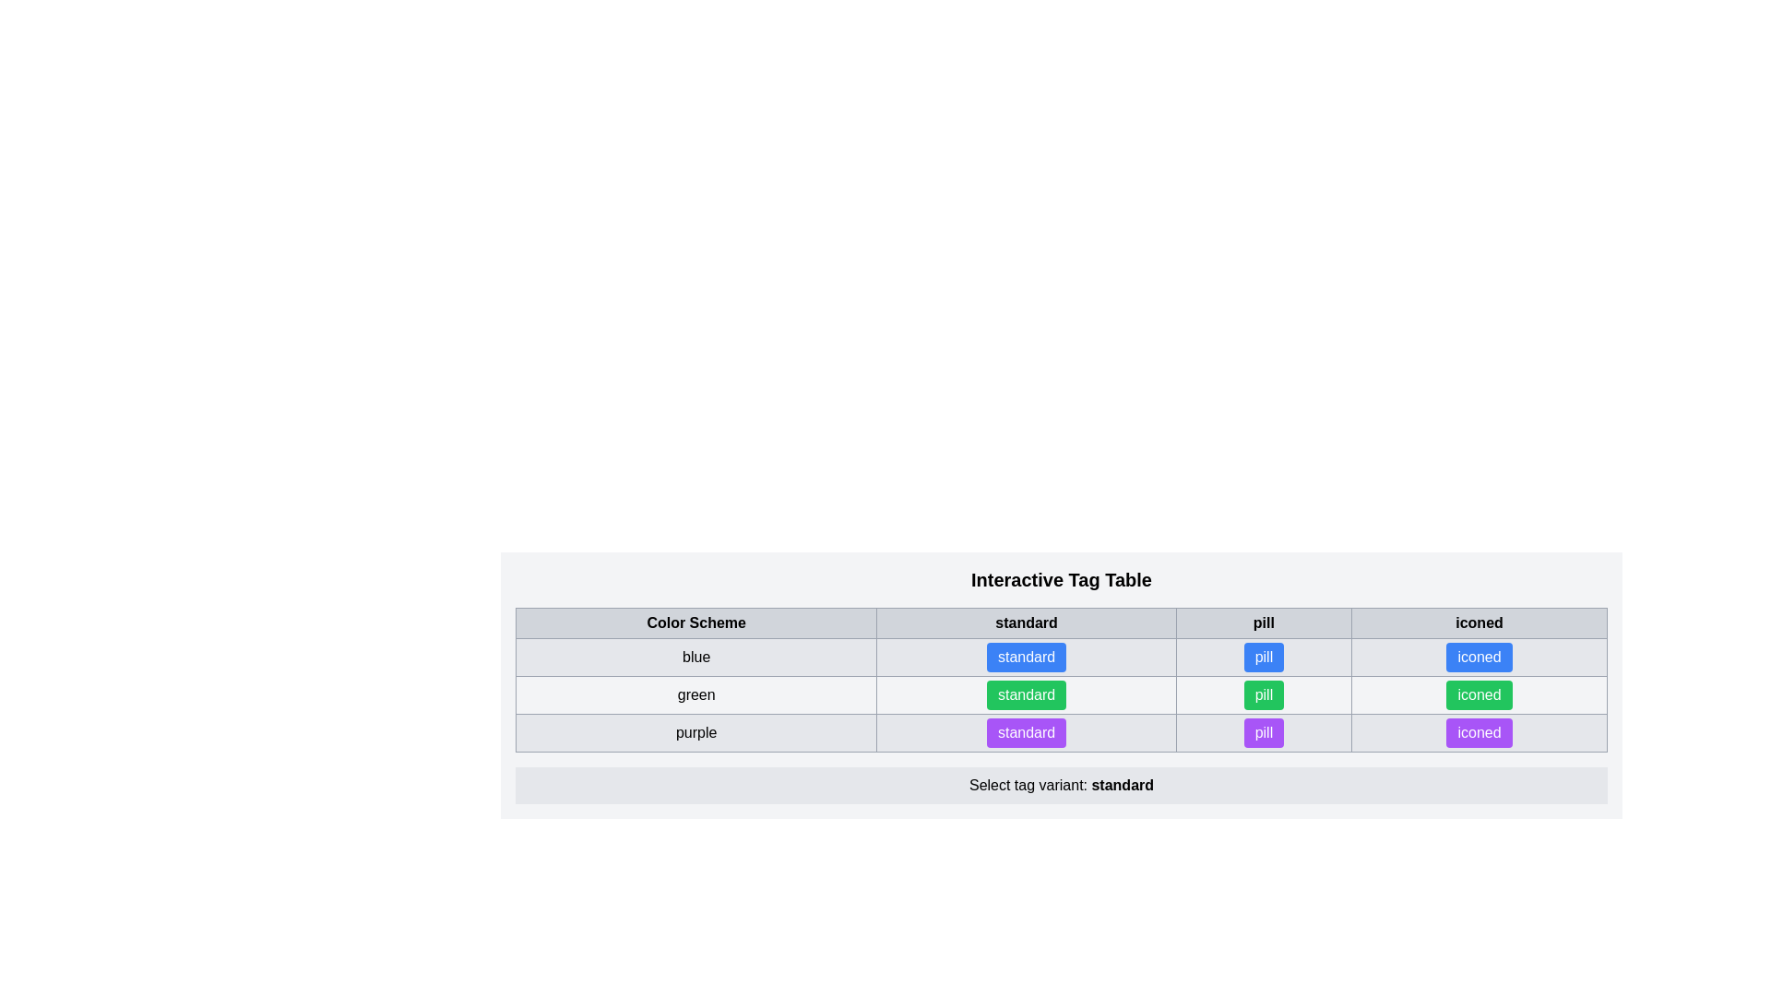 The height and width of the screenshot is (996, 1771). What do you see at coordinates (1122, 785) in the screenshot?
I see `the text label displaying 'standard' located in the bottom section of the interface under the 'Interactive Tag Table'` at bounding box center [1122, 785].